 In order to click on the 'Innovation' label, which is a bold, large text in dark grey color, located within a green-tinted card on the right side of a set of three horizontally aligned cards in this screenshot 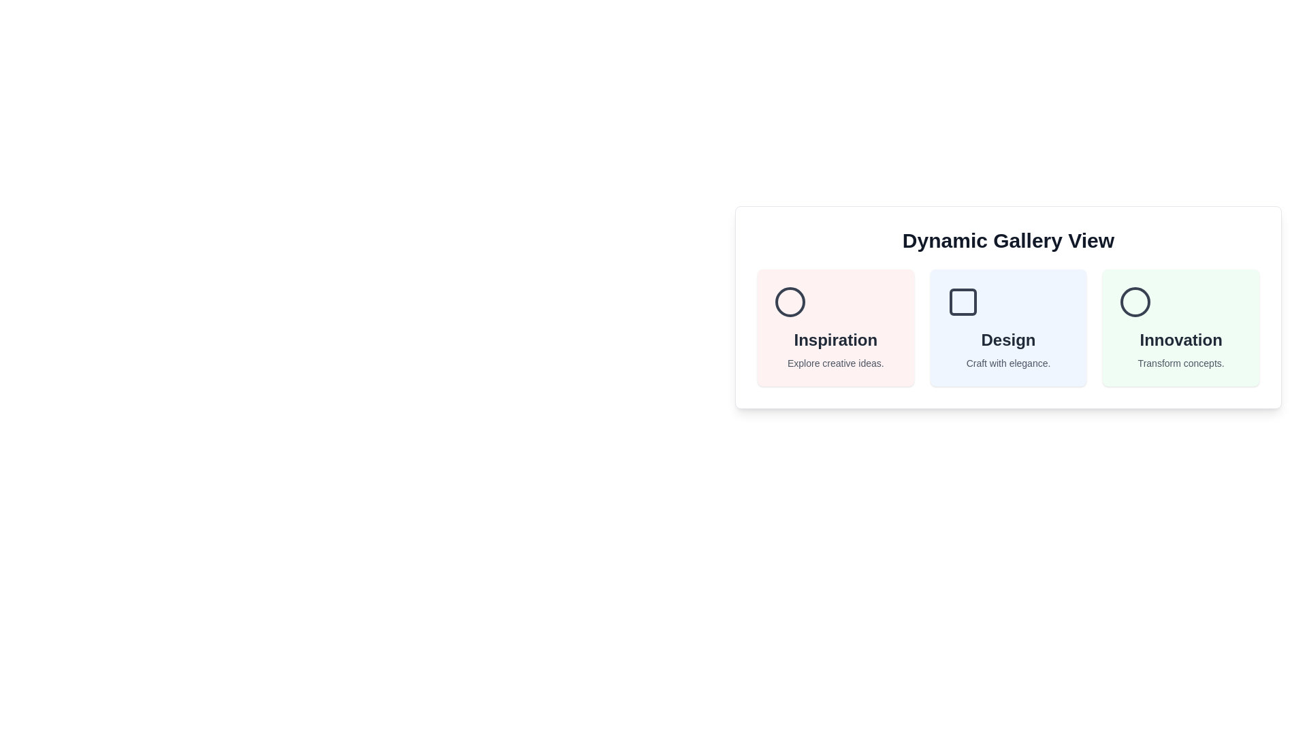, I will do `click(1180, 340)`.